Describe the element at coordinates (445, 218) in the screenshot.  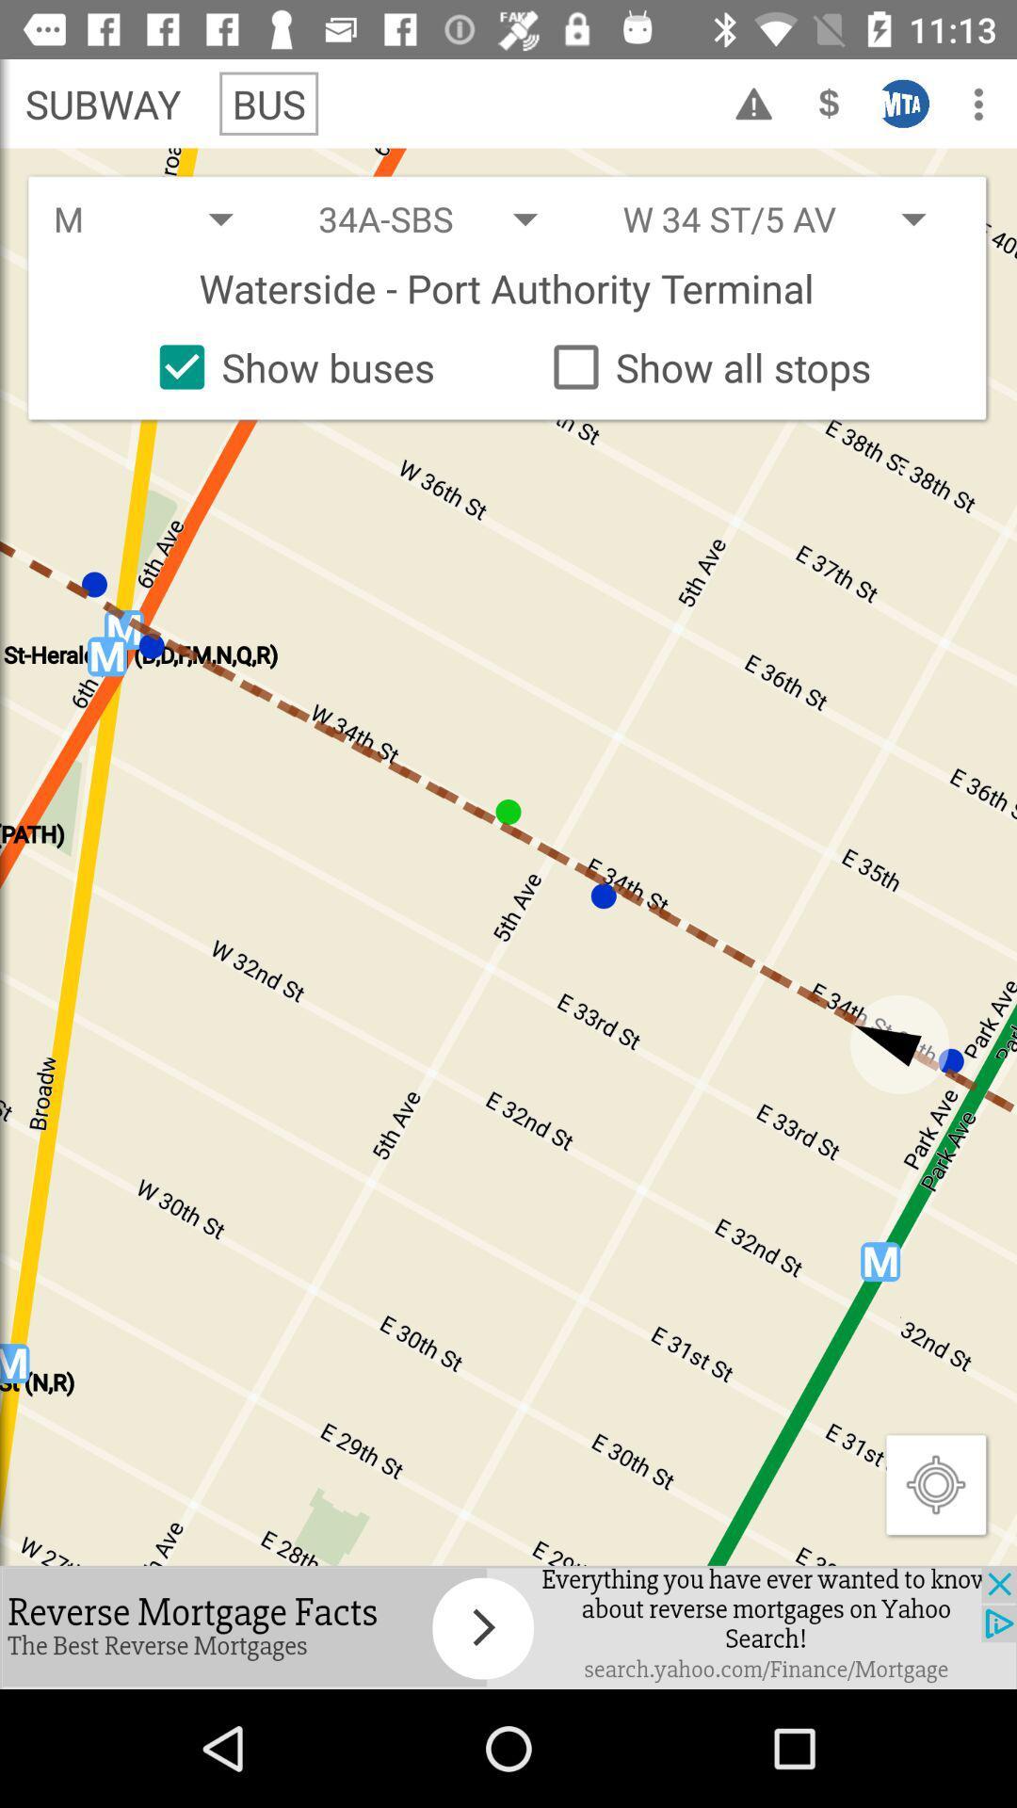
I see `the drop down of text 34asbs` at that location.